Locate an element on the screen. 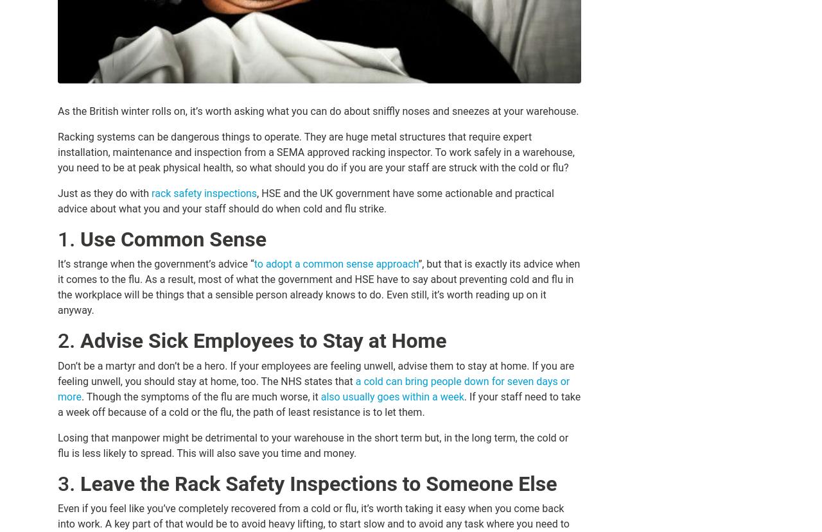  'rack safety inspections' is located at coordinates (203, 193).